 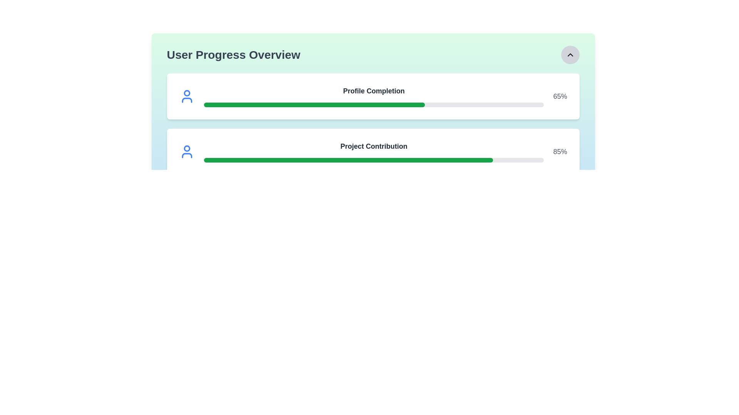 I want to click on the upward-pointing chevron icon located within a circular button at the top-right corner of the interface, so click(x=570, y=54).